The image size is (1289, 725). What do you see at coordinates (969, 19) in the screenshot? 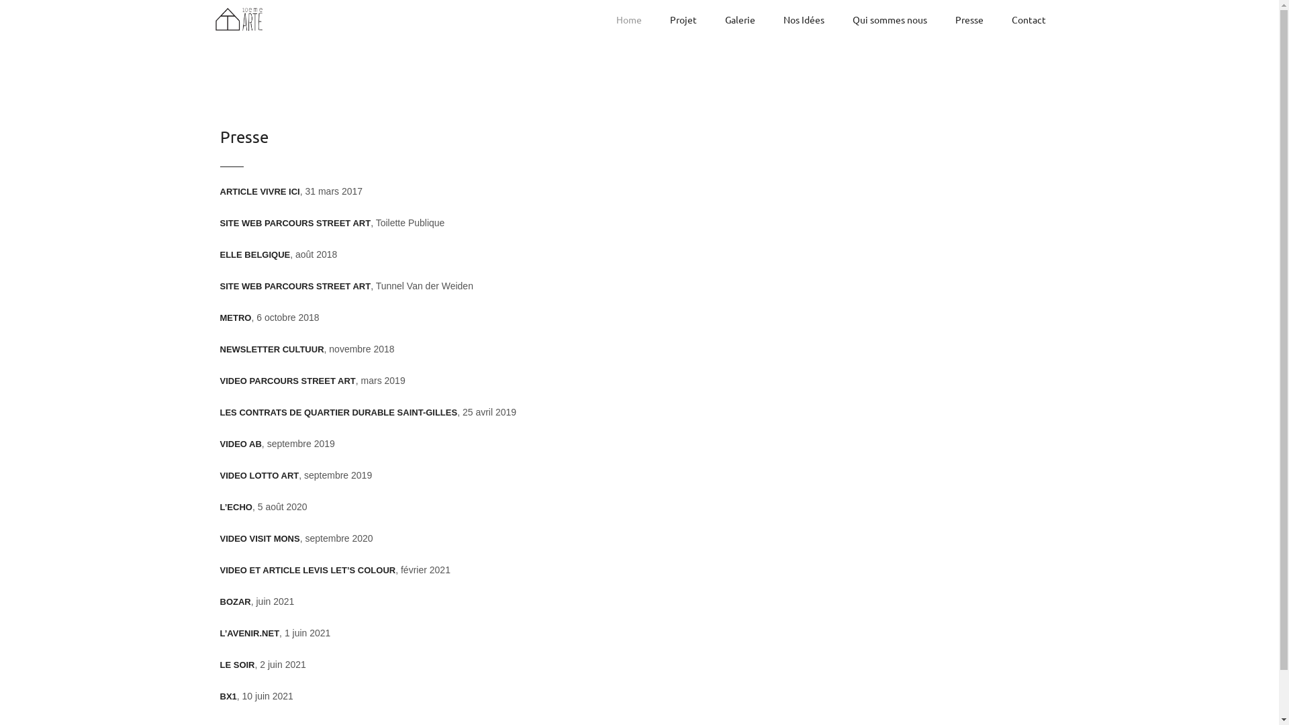
I see `'Presse'` at bounding box center [969, 19].